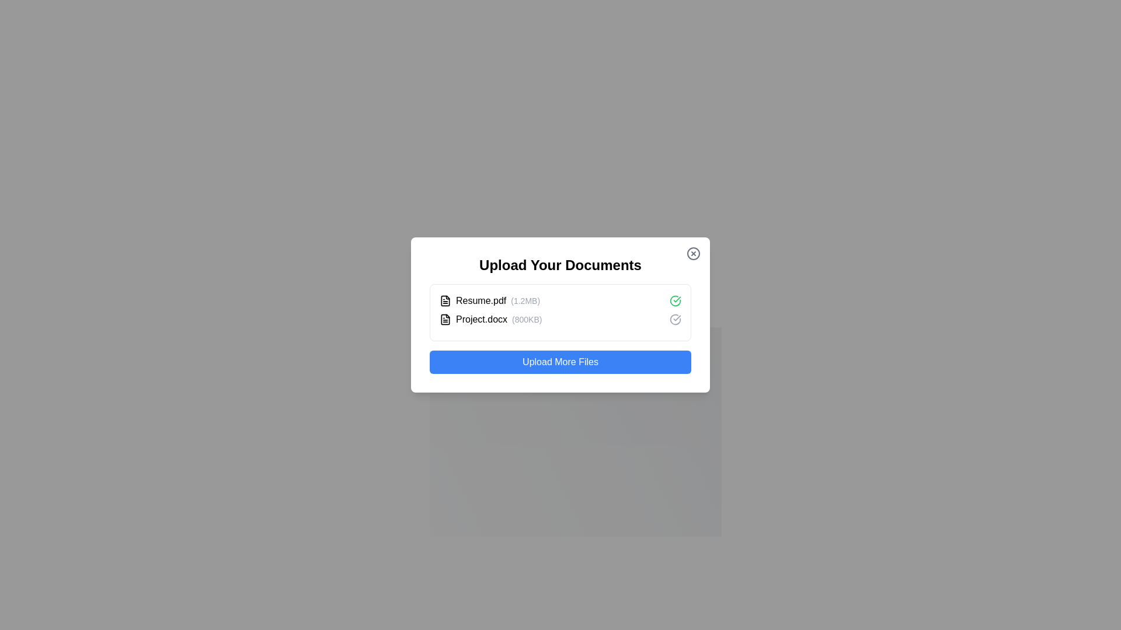  I want to click on the file icon representing 'Resume.pdf', which is located slightly to the left of the text item and aligns centrally with the text's vertical axis, so click(445, 300).